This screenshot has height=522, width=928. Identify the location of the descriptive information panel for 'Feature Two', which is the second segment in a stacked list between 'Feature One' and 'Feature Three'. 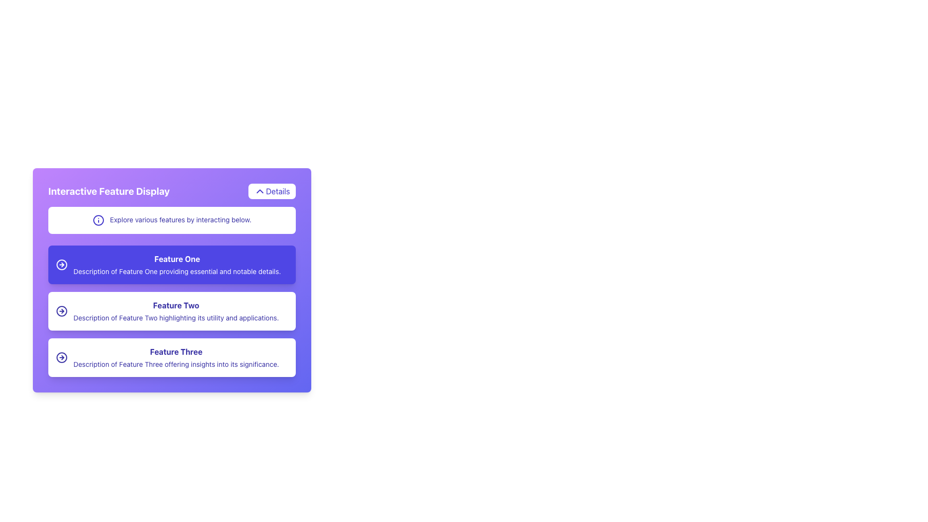
(172, 311).